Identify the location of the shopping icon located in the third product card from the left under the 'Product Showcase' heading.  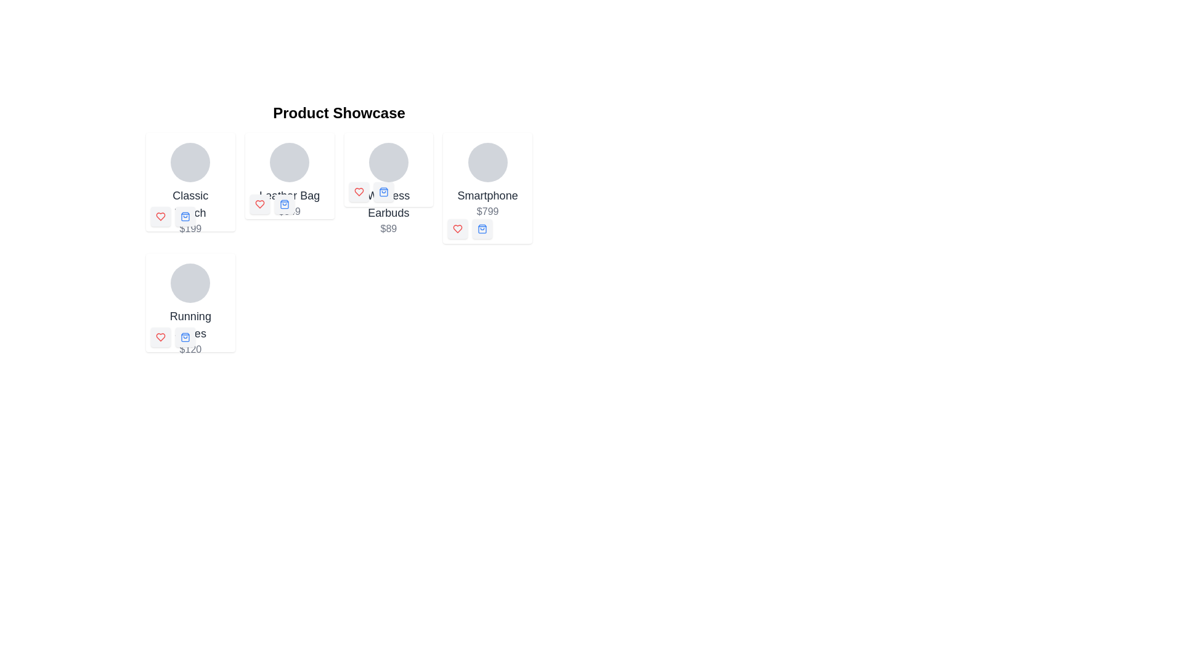
(383, 192).